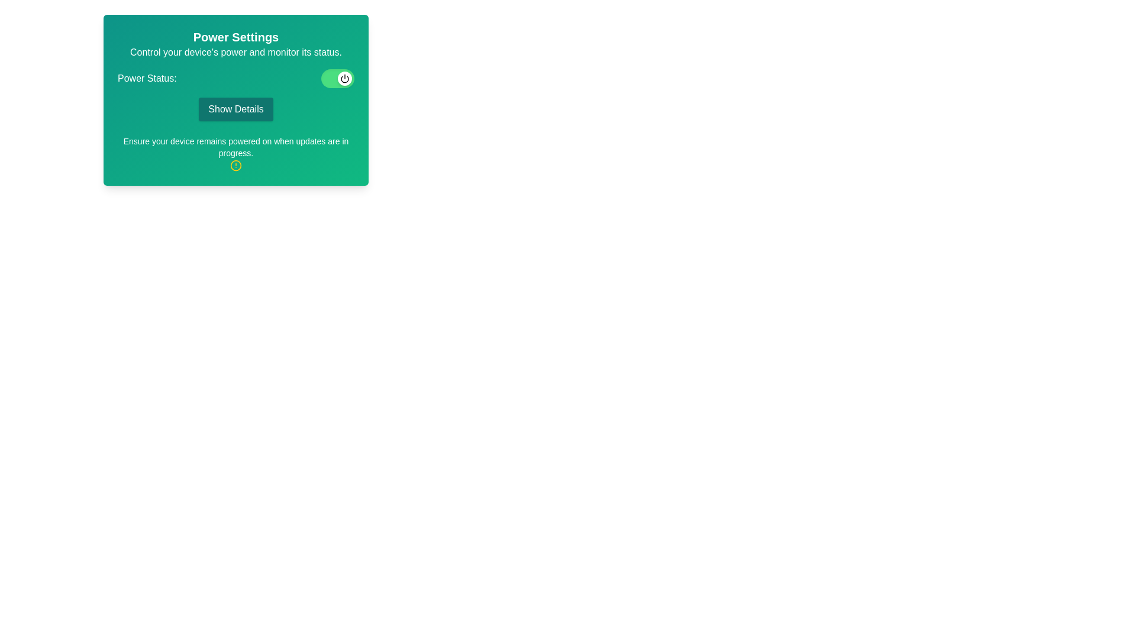 This screenshot has height=639, width=1136. Describe the element at coordinates (235, 152) in the screenshot. I see `the Informational Text with Icon that instructs users to ensure their device remains powered on during updates, which is located within the 'Power Settings' card` at that location.